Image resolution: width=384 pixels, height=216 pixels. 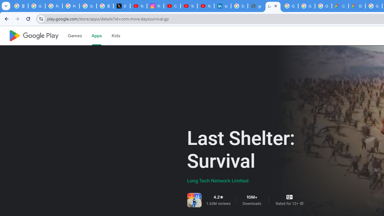 What do you see at coordinates (307, 6) in the screenshot?
I see `'Google Workspace - Specific Terms'` at bounding box center [307, 6].